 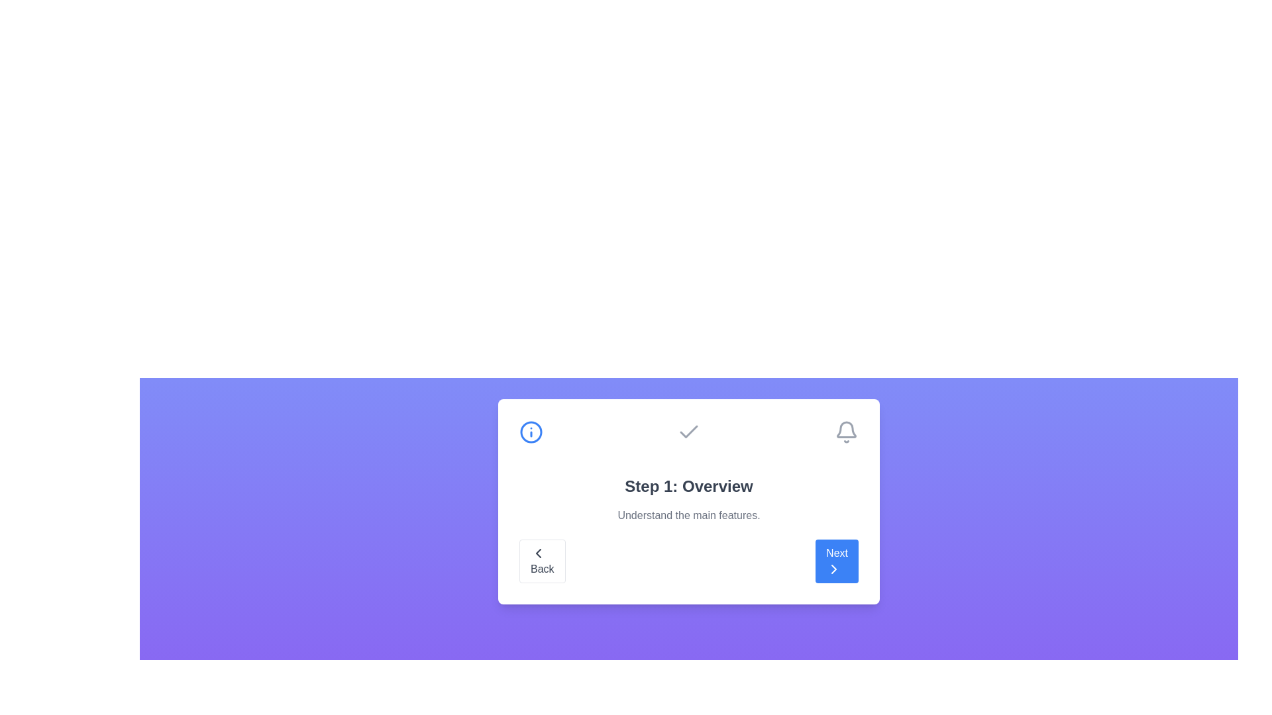 What do you see at coordinates (531, 432) in the screenshot?
I see `the step icon for step 1` at bounding box center [531, 432].